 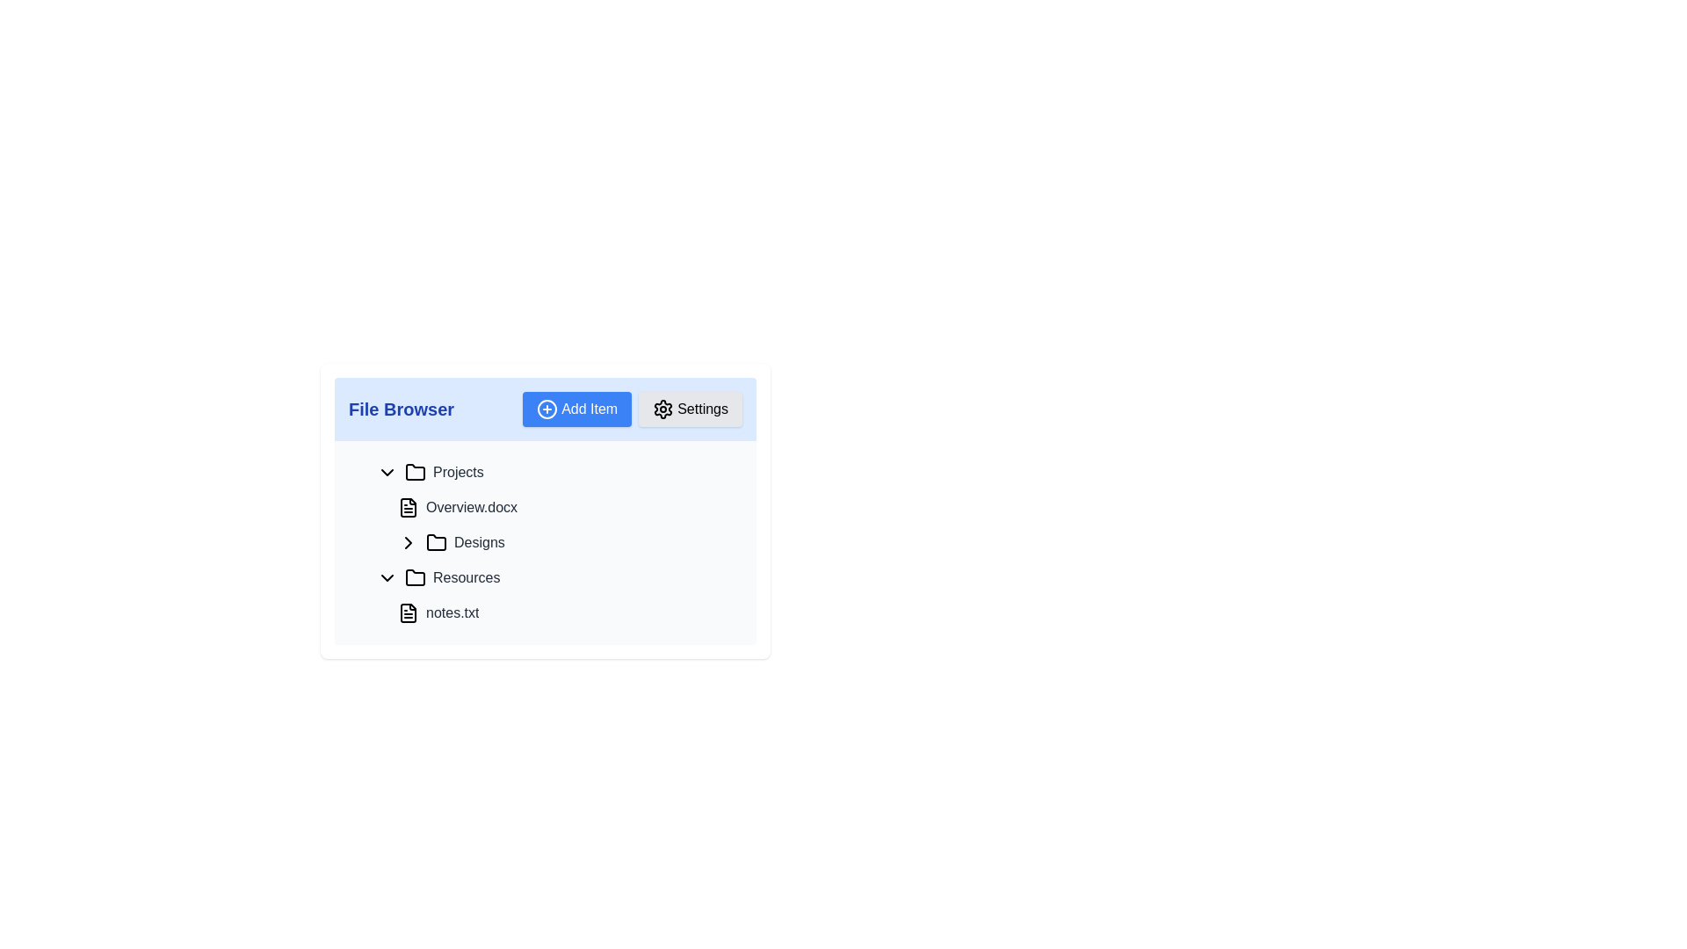 What do you see at coordinates (690, 409) in the screenshot?
I see `the settings button located to the right of the 'Add Item' button in the top-right section of the interface` at bounding box center [690, 409].